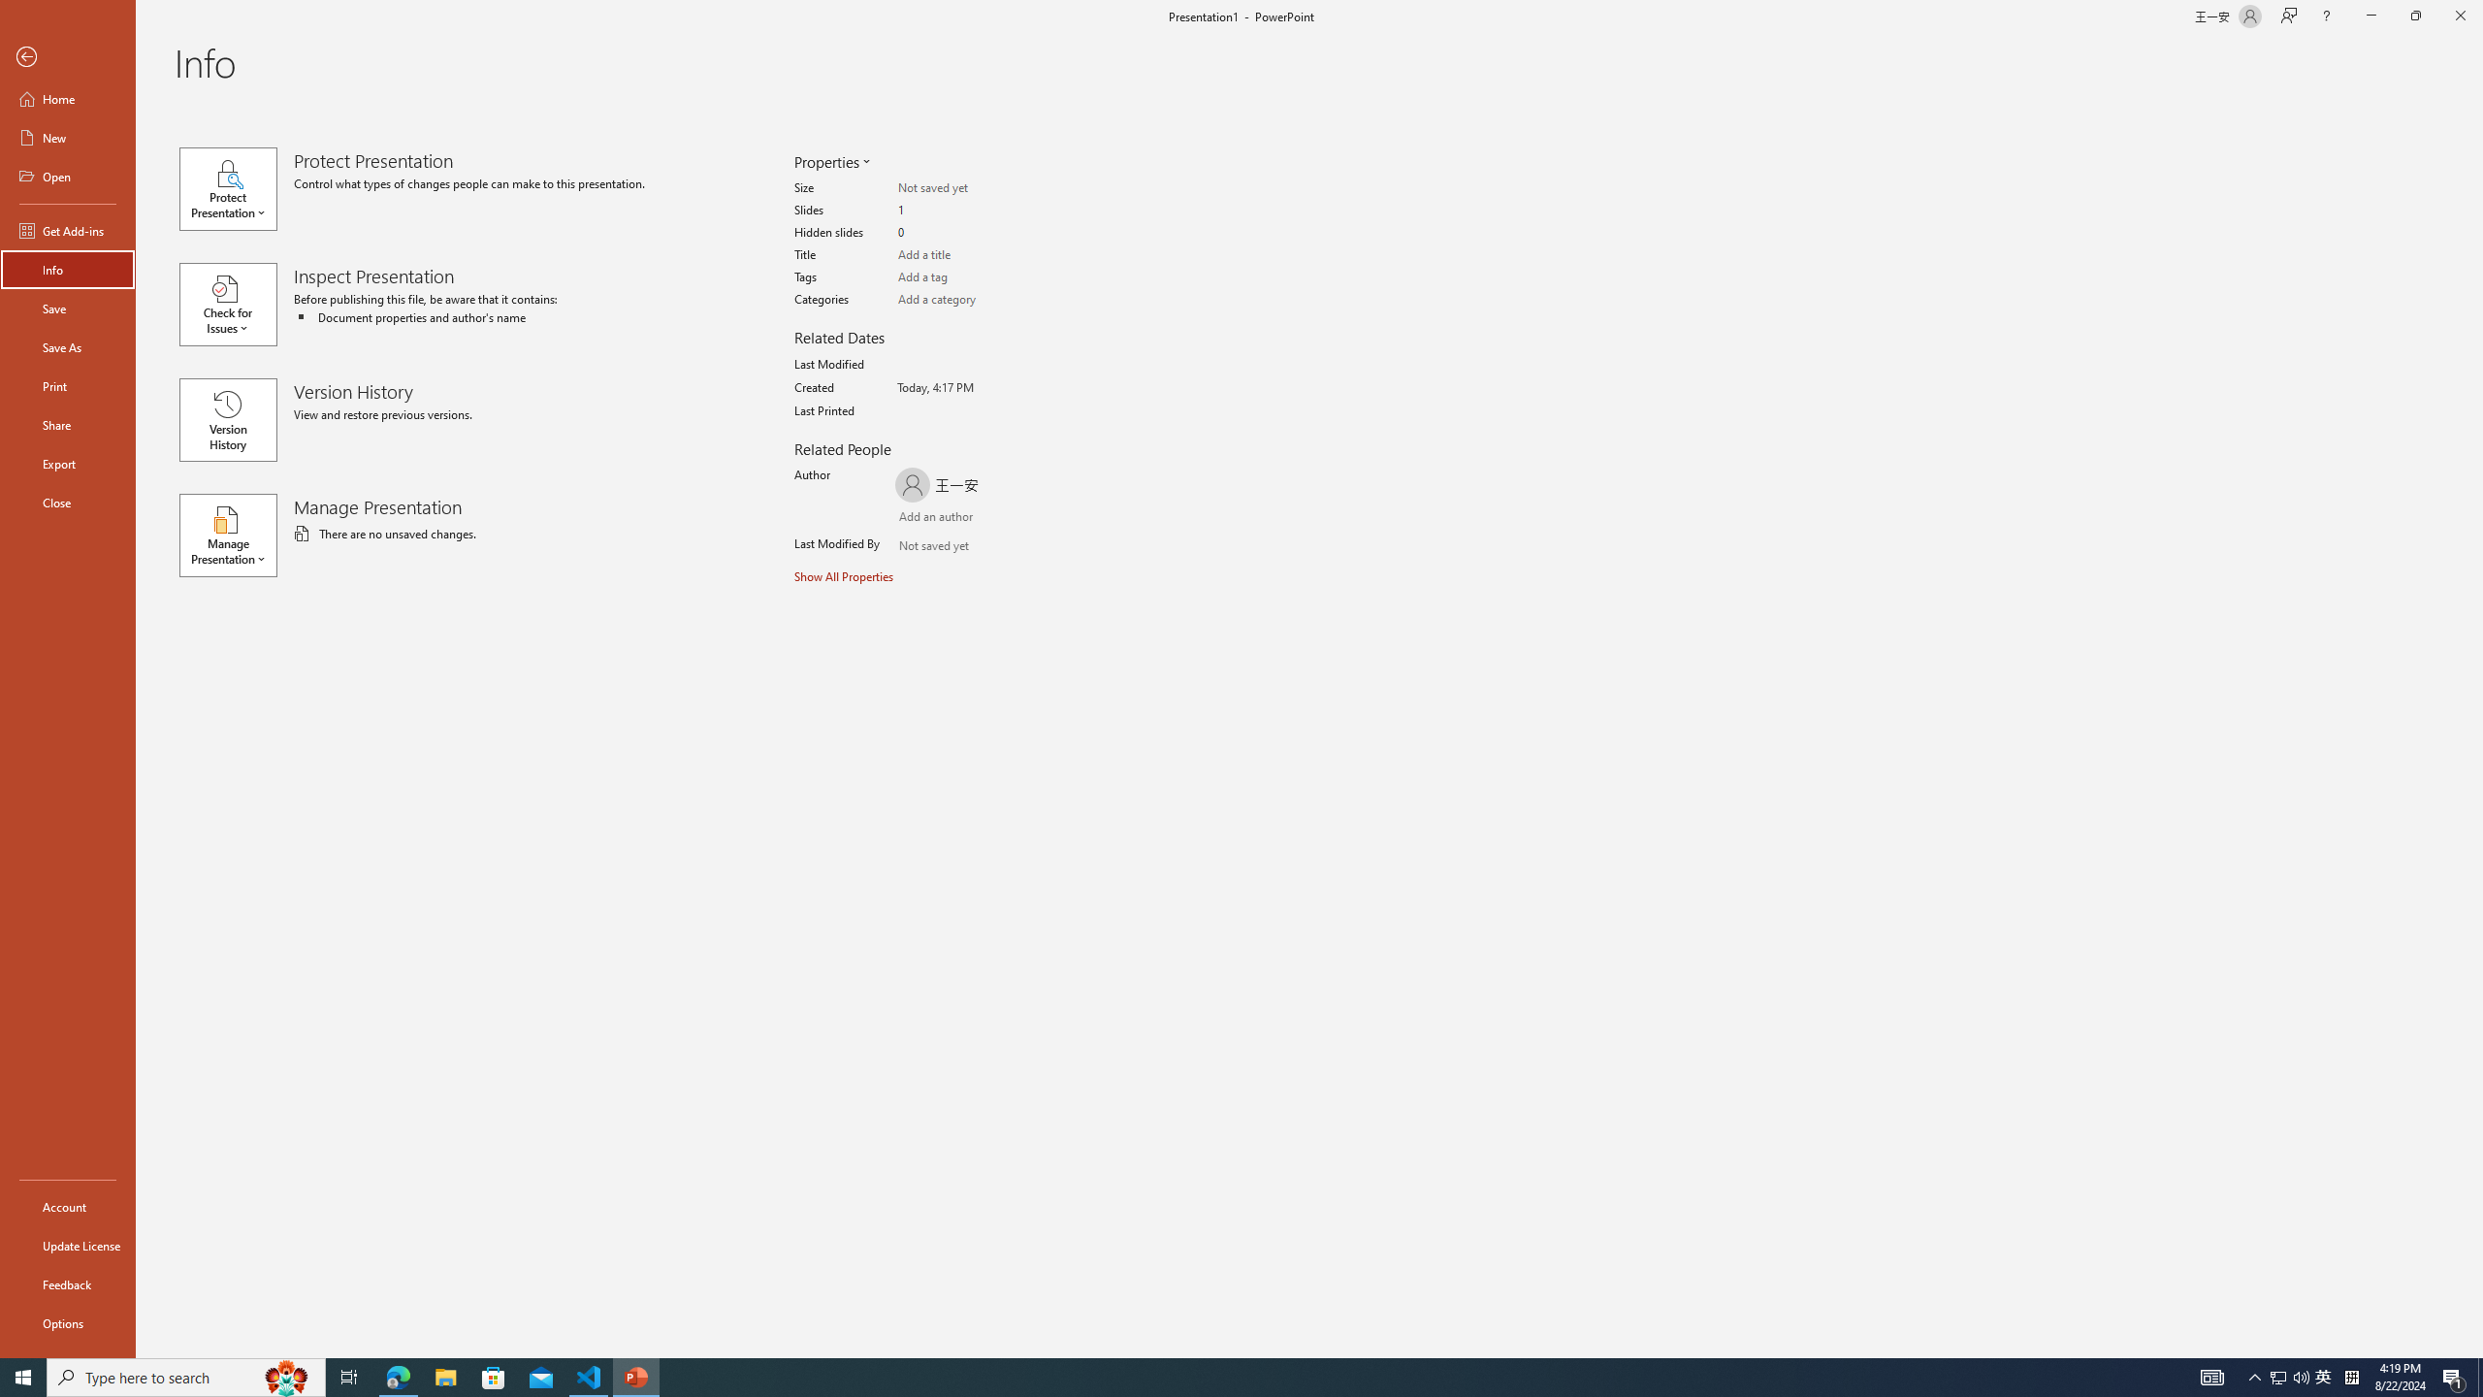 This screenshot has height=1397, width=2483. I want to click on 'Show All Properties', so click(845, 575).